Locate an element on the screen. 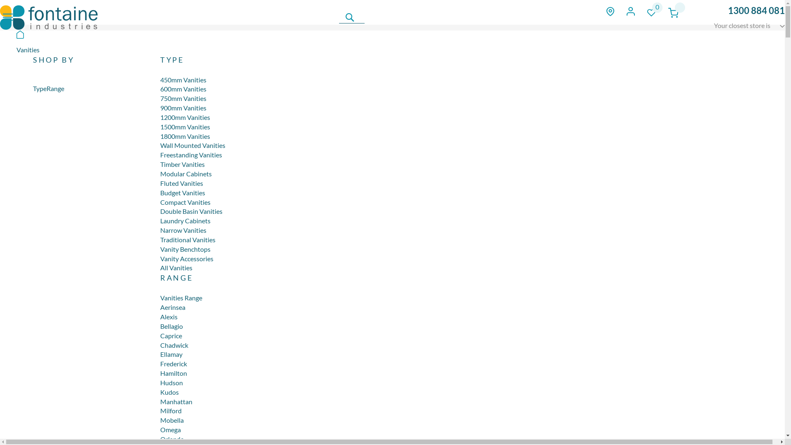 The width and height of the screenshot is (791, 445). 'Hamilton' is located at coordinates (173, 373).